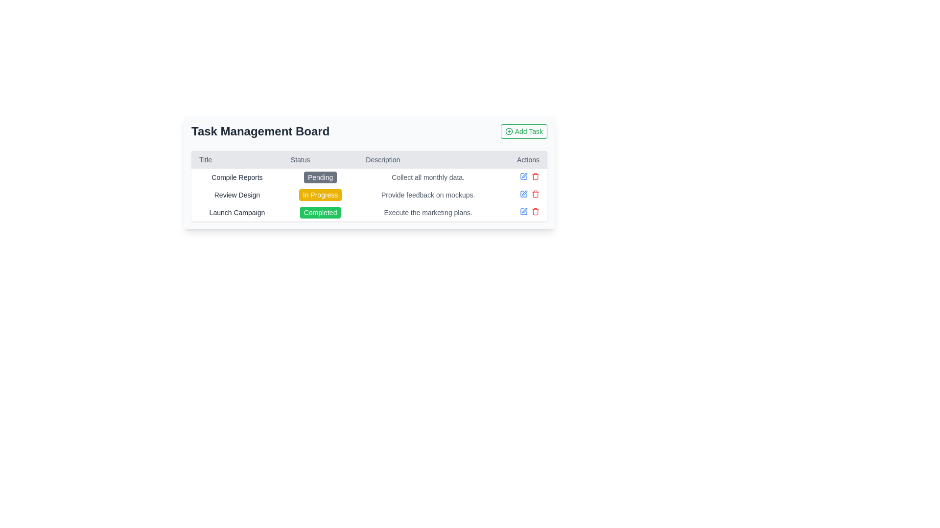 Image resolution: width=940 pixels, height=528 pixels. I want to click on the trash can icon in the 'Actions' column of the table row for the task 'Review Design' to trigger a tooltip or highlight effect, so click(535, 194).